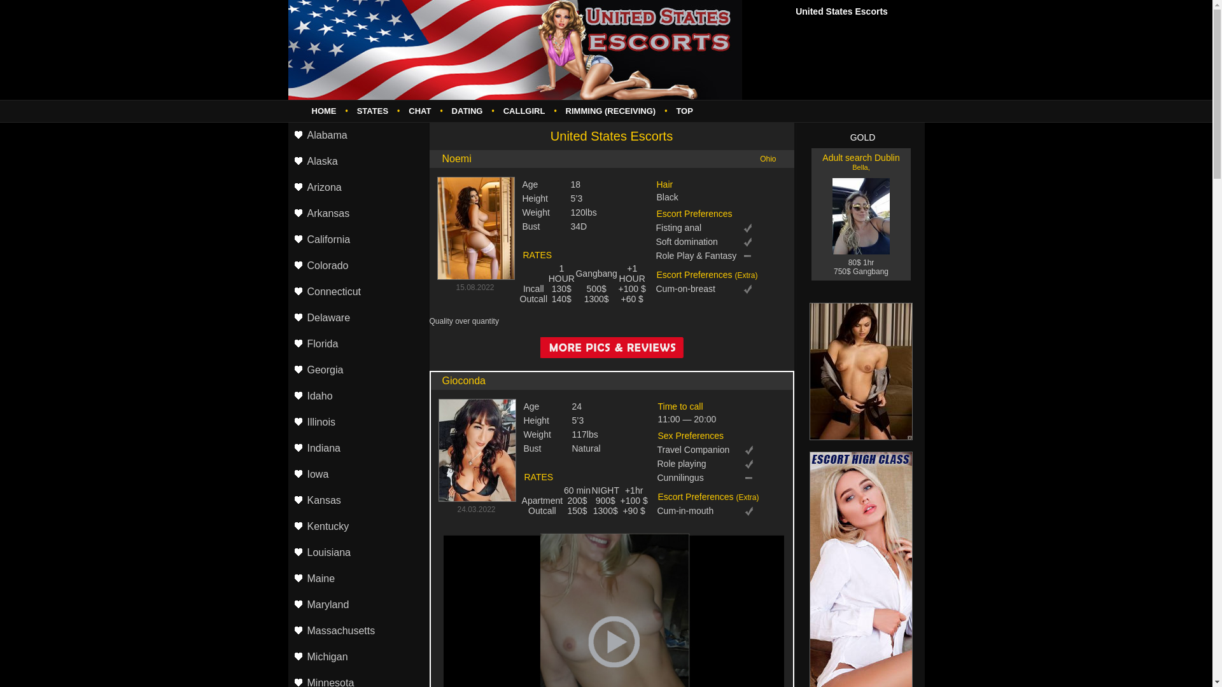  What do you see at coordinates (559, 110) in the screenshot?
I see `'RIMMING (RECEIVING)'` at bounding box center [559, 110].